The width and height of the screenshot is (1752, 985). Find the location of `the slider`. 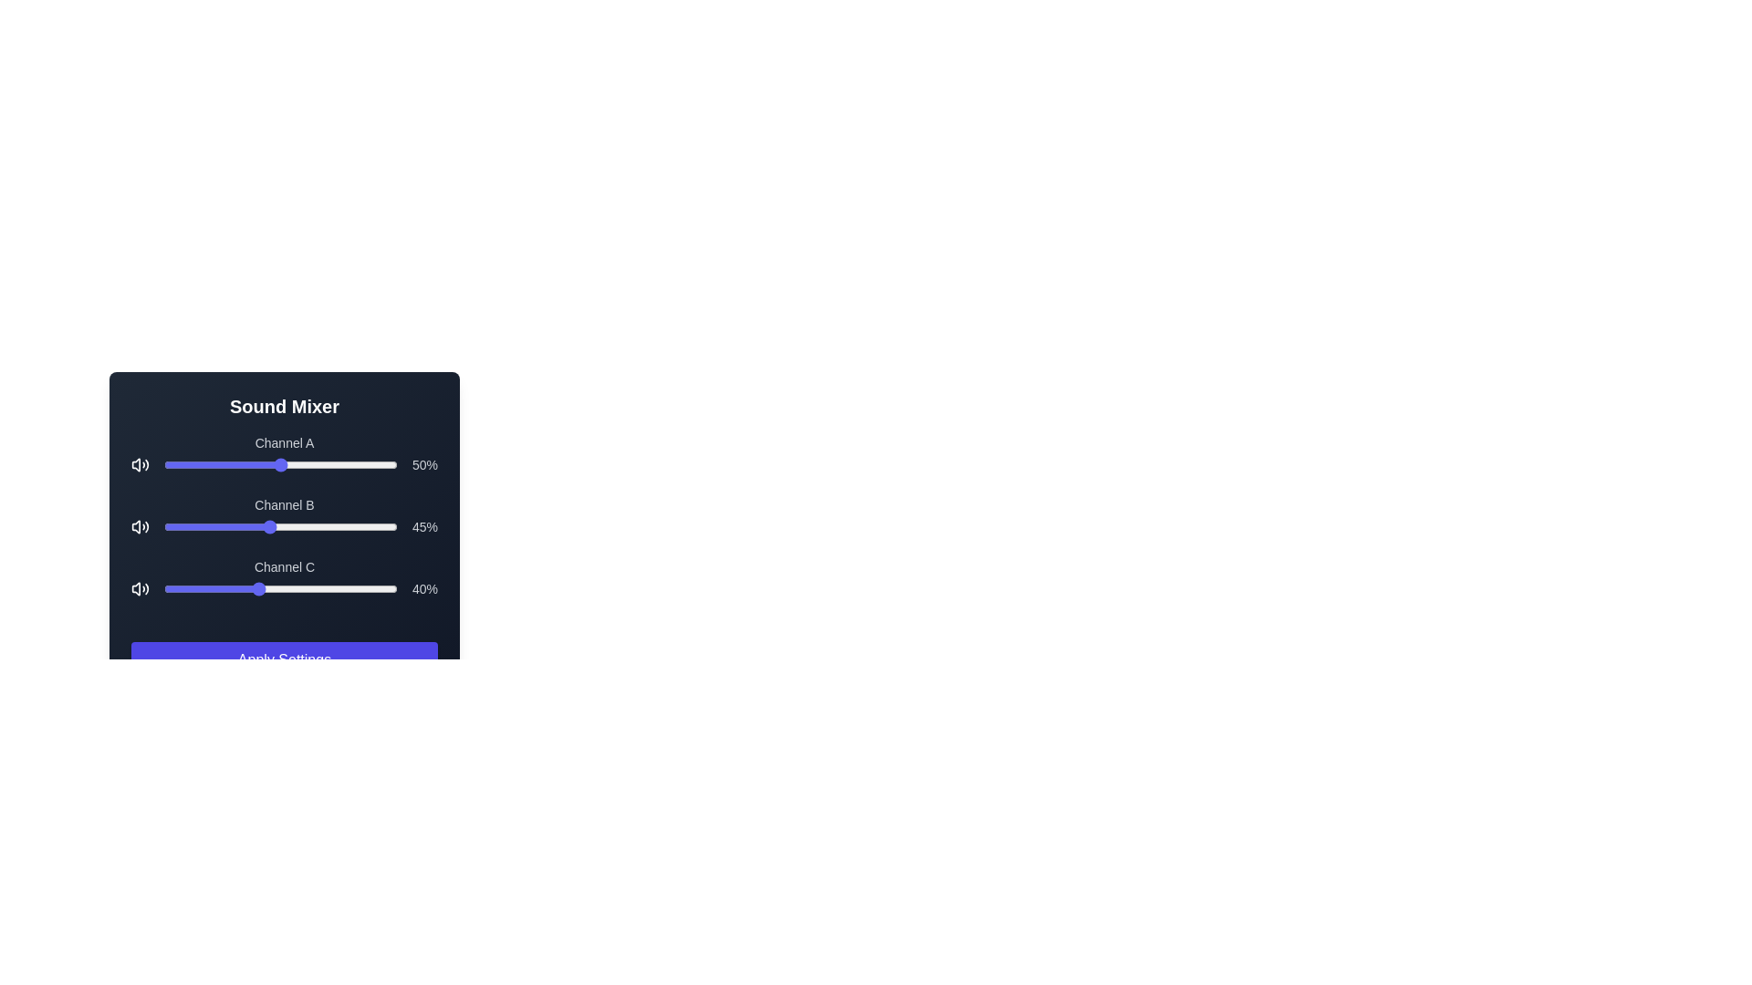

the slider is located at coordinates (307, 588).